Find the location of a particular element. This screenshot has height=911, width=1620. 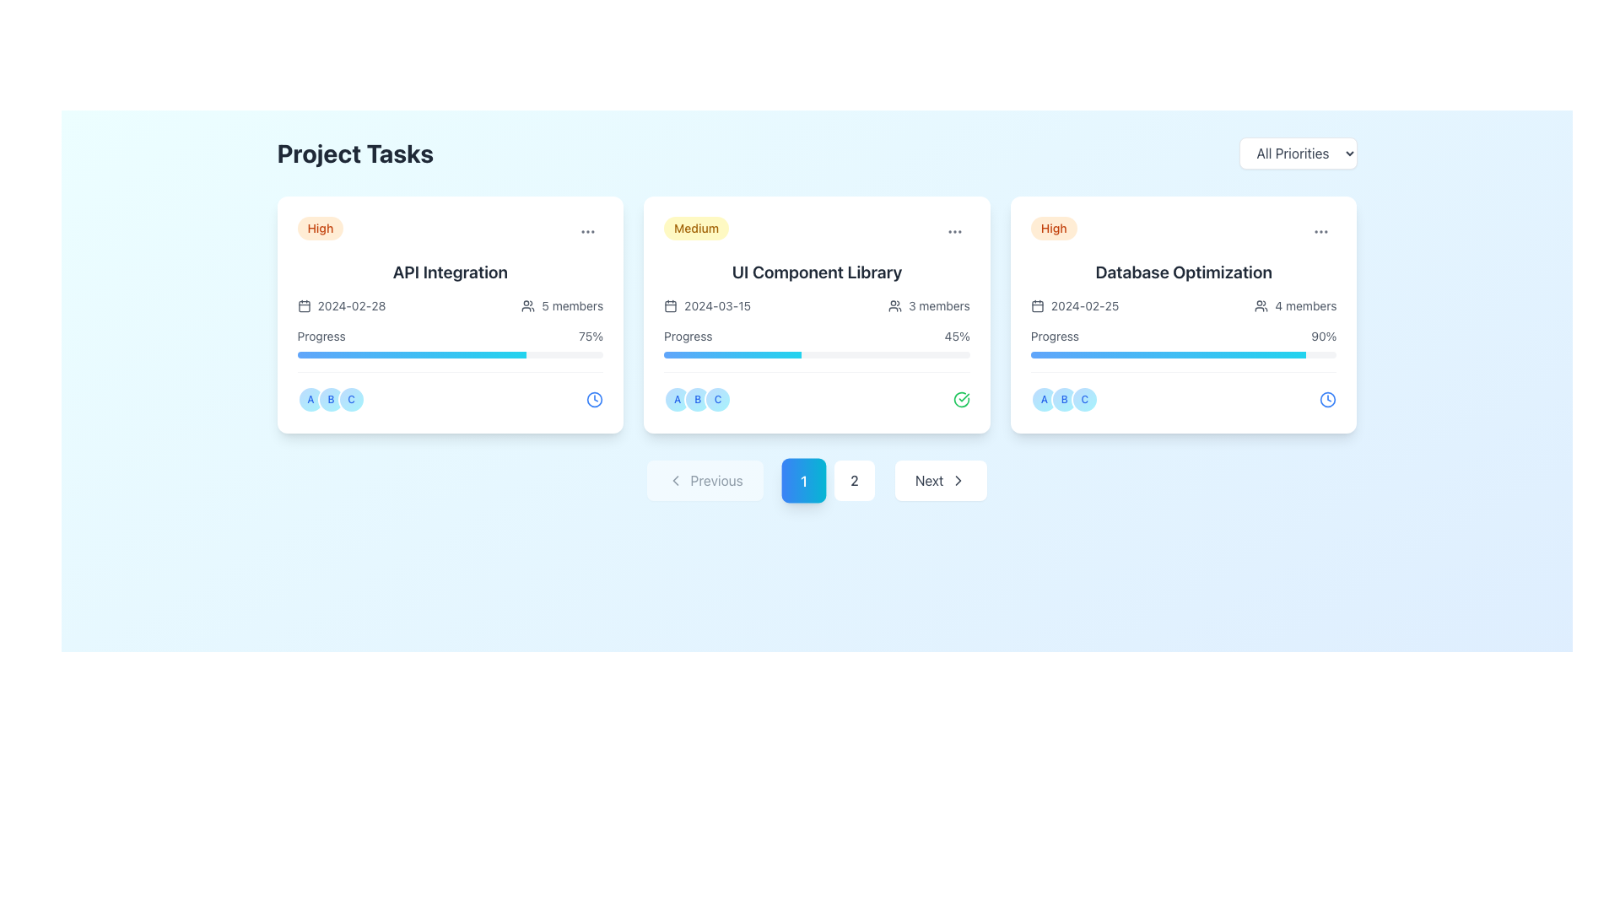

the informative text element that consists of a user icon on the left and the text '3 members' on the right, located in the middle card of a three-card layout, above the progress bar and calendar icon is located at coordinates (928, 305).